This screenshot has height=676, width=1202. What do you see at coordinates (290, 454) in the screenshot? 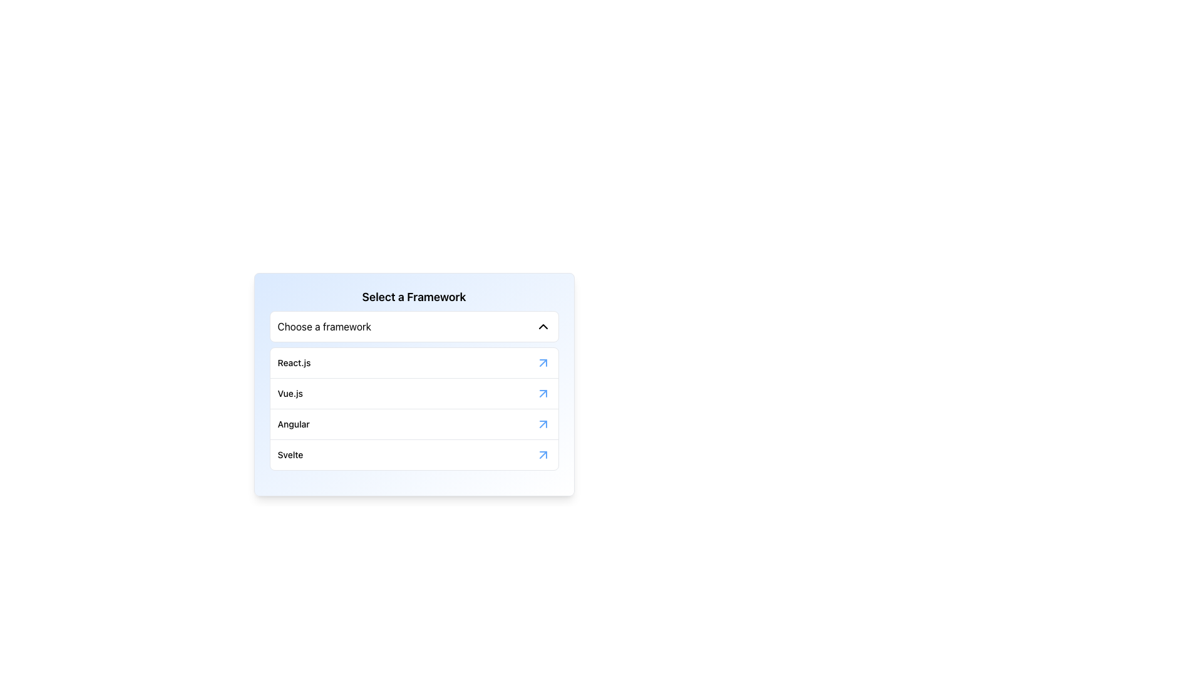
I see `the 'Svelte' text label` at bounding box center [290, 454].